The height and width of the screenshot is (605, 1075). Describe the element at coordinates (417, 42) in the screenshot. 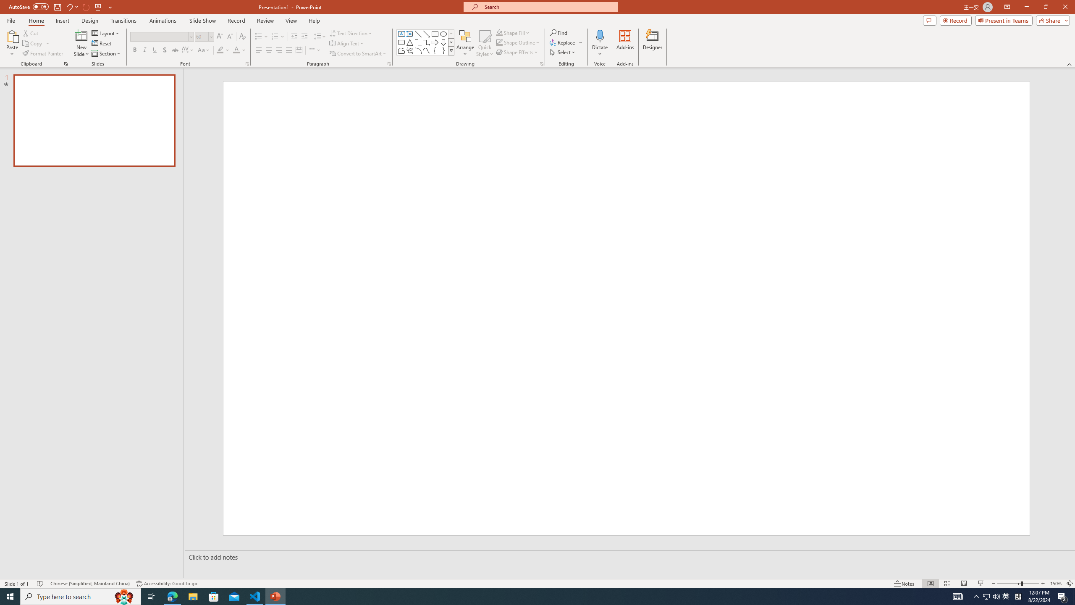

I see `'Connector: Elbow'` at that location.